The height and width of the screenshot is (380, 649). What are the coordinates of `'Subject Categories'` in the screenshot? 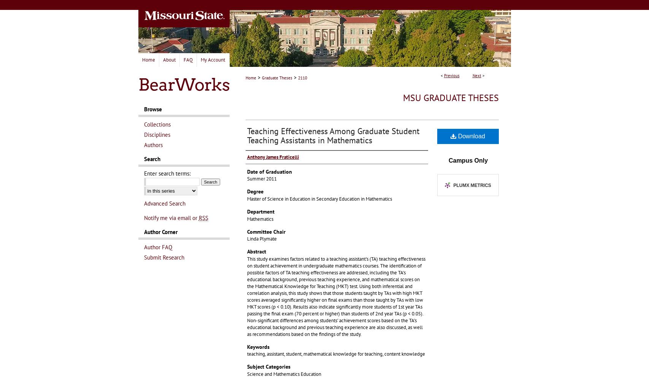 It's located at (268, 366).